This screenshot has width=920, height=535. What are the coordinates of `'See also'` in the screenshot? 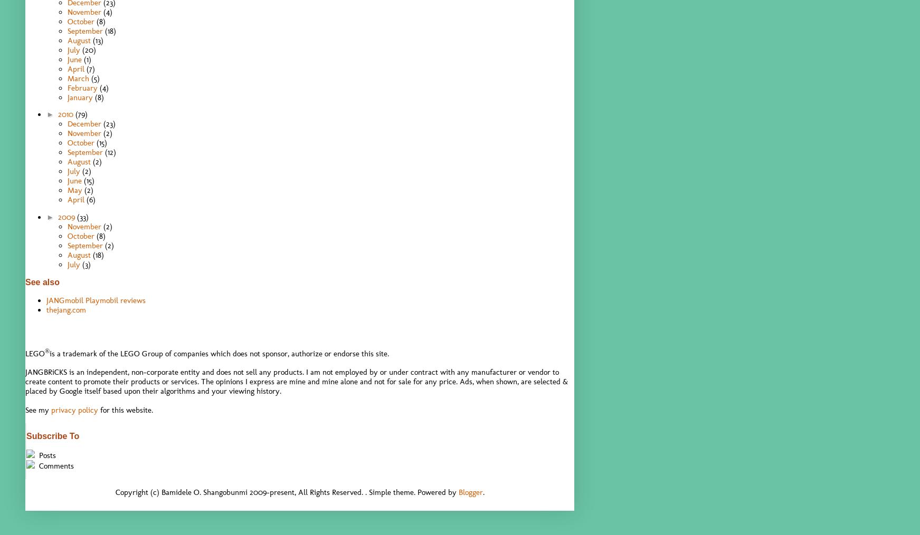 It's located at (42, 281).